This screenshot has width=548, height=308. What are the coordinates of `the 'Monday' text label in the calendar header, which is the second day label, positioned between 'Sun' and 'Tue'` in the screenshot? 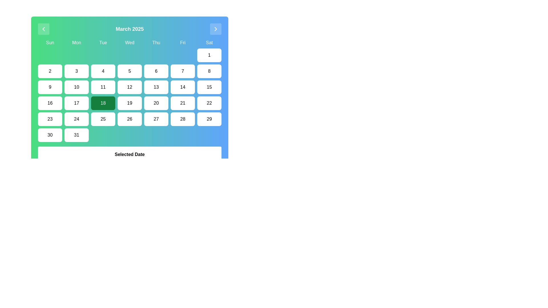 It's located at (76, 42).